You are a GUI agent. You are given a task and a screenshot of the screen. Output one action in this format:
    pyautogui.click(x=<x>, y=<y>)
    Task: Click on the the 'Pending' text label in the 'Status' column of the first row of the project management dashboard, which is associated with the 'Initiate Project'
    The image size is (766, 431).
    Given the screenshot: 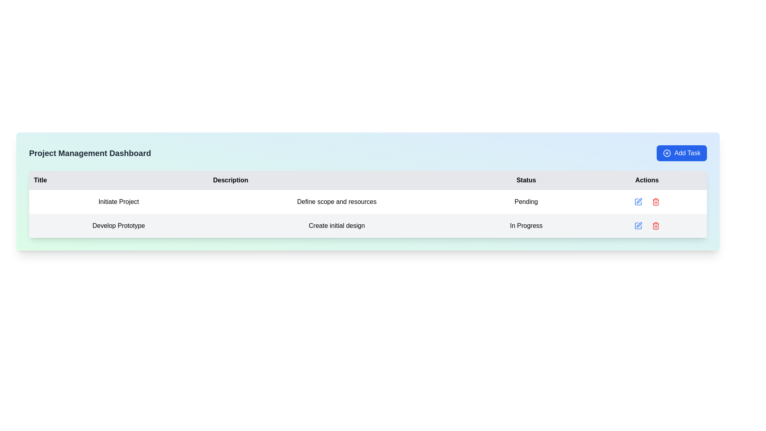 What is the action you would take?
    pyautogui.click(x=526, y=201)
    